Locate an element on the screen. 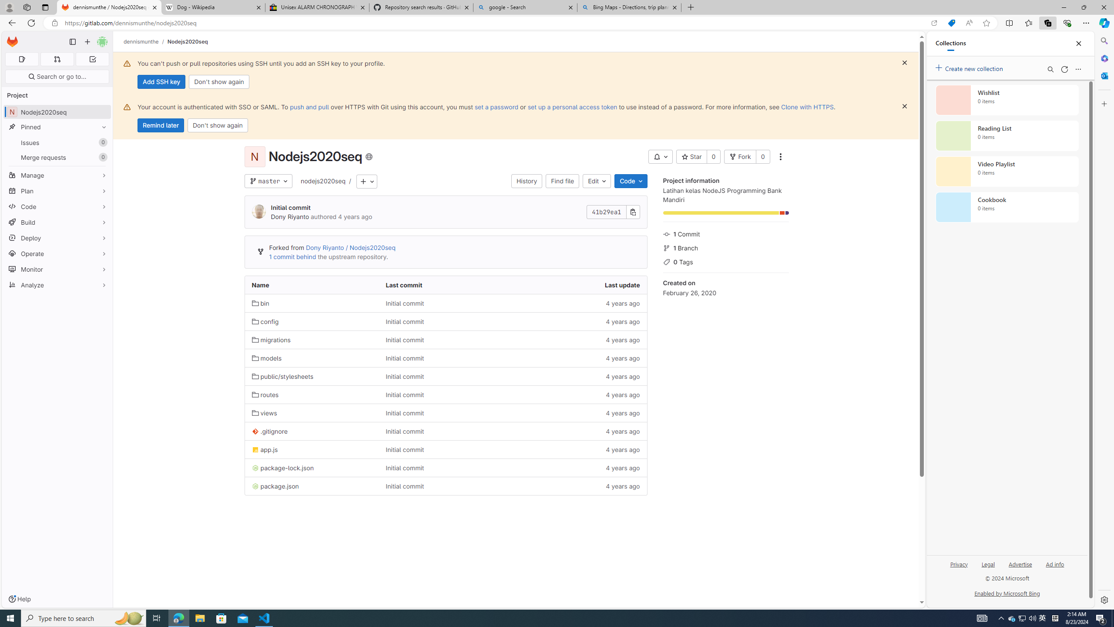 This screenshot has height=627, width=1114. 'package.json' is located at coordinates (275, 485).